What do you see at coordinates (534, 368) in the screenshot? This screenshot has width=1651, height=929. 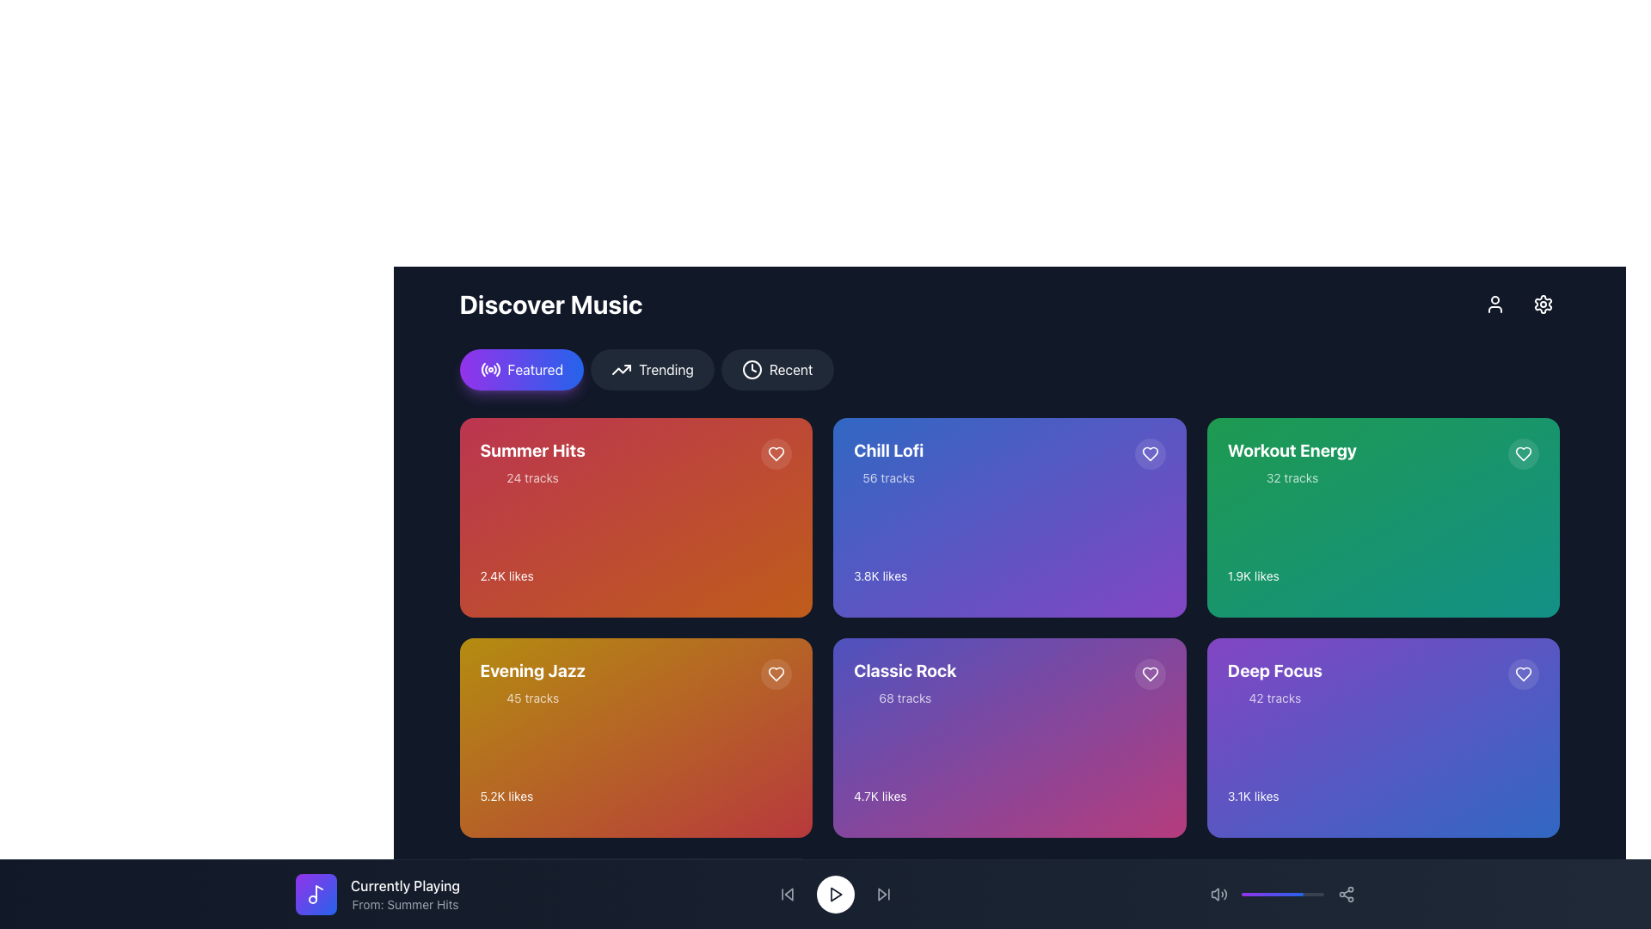 I see `the 'Featured' label, which is a static label within a gradient button displaying the text in white on a rounded rectangle background` at bounding box center [534, 368].